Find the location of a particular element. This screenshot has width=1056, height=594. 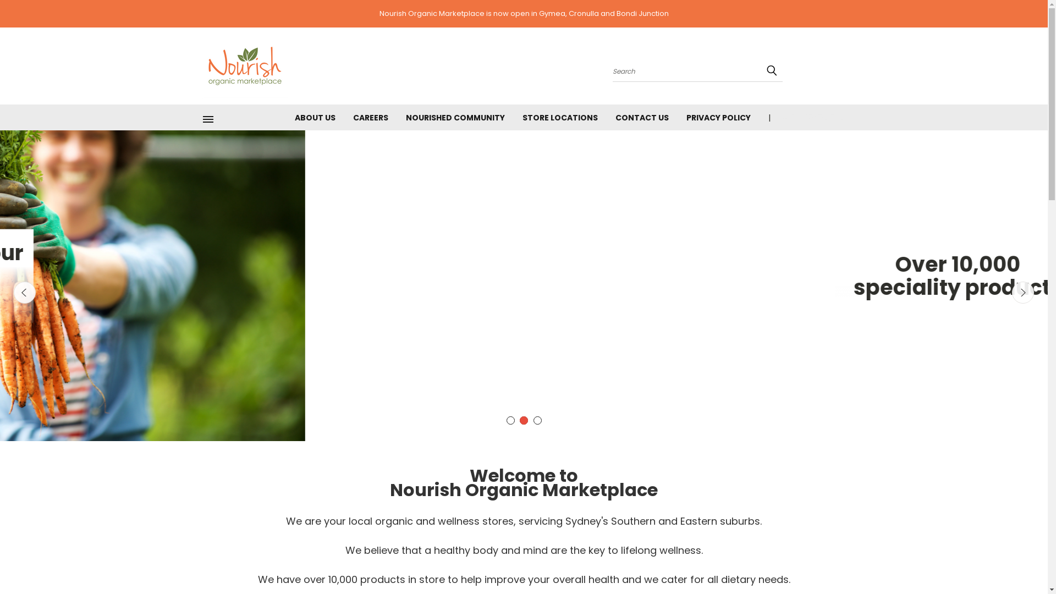

'Nourish Organic Marketplace' is located at coordinates (244, 65).